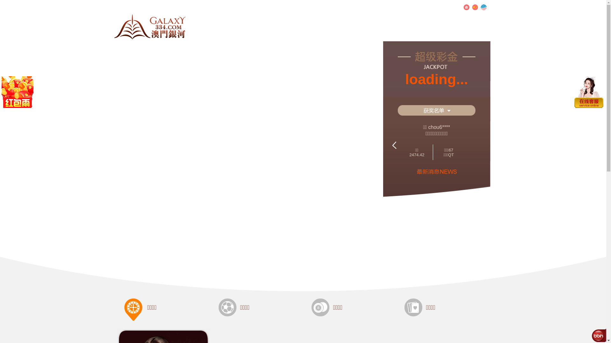  I want to click on 'English', so click(483, 7).